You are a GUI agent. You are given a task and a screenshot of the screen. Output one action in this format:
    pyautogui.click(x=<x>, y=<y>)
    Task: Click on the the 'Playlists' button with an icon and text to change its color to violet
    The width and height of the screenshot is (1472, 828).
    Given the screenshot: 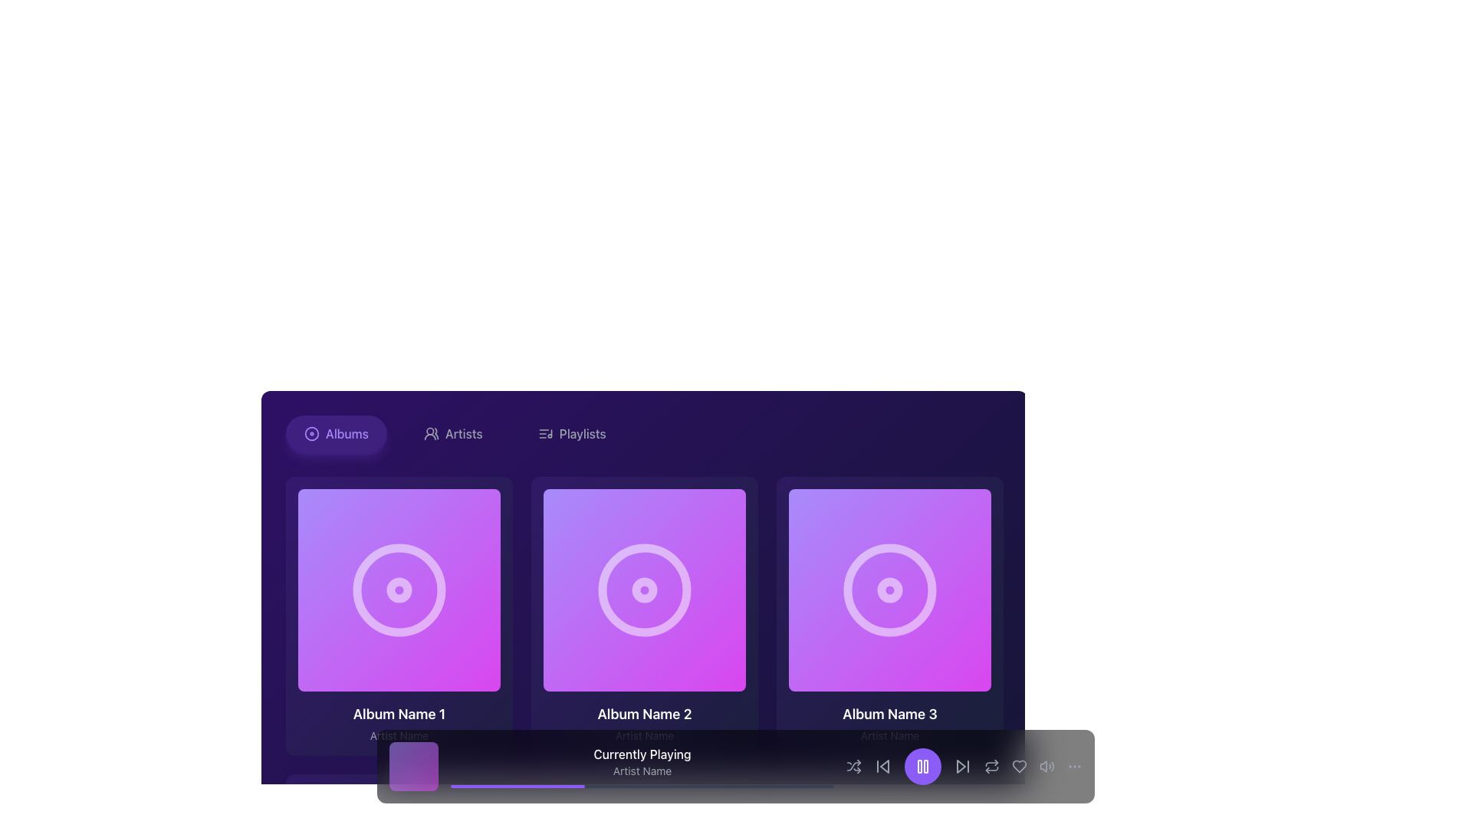 What is the action you would take?
    pyautogui.click(x=571, y=434)
    